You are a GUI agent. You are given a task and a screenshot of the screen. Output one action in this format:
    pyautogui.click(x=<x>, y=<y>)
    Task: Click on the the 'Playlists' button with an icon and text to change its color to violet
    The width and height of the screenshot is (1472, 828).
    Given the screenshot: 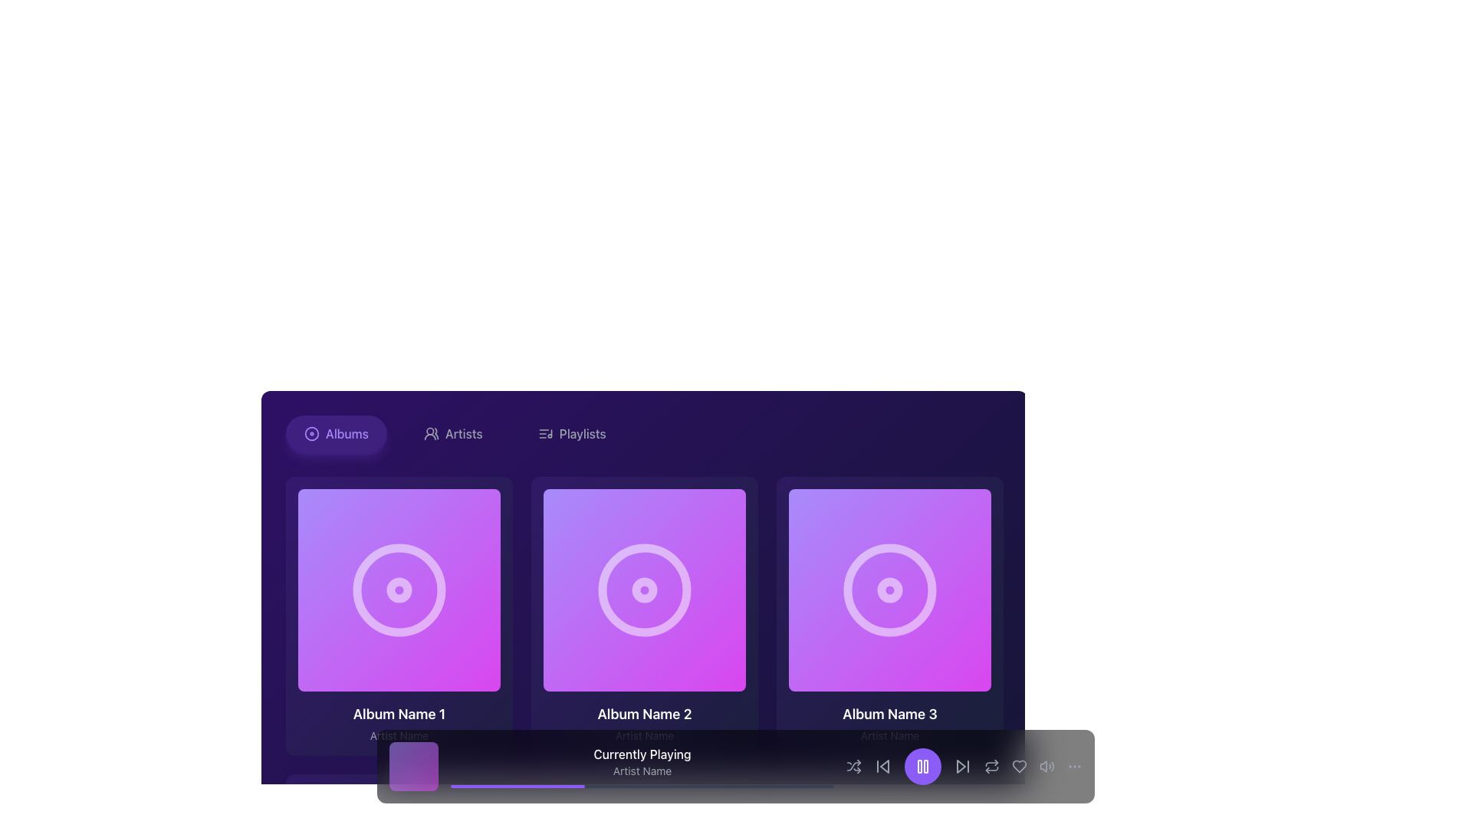 What is the action you would take?
    pyautogui.click(x=571, y=434)
    